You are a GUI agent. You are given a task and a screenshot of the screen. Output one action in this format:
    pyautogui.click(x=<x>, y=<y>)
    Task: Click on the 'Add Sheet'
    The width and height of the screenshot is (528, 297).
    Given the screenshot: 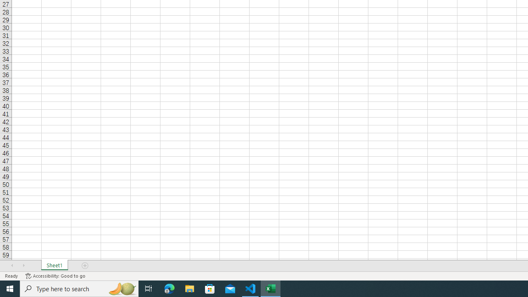 What is the action you would take?
    pyautogui.click(x=85, y=266)
    